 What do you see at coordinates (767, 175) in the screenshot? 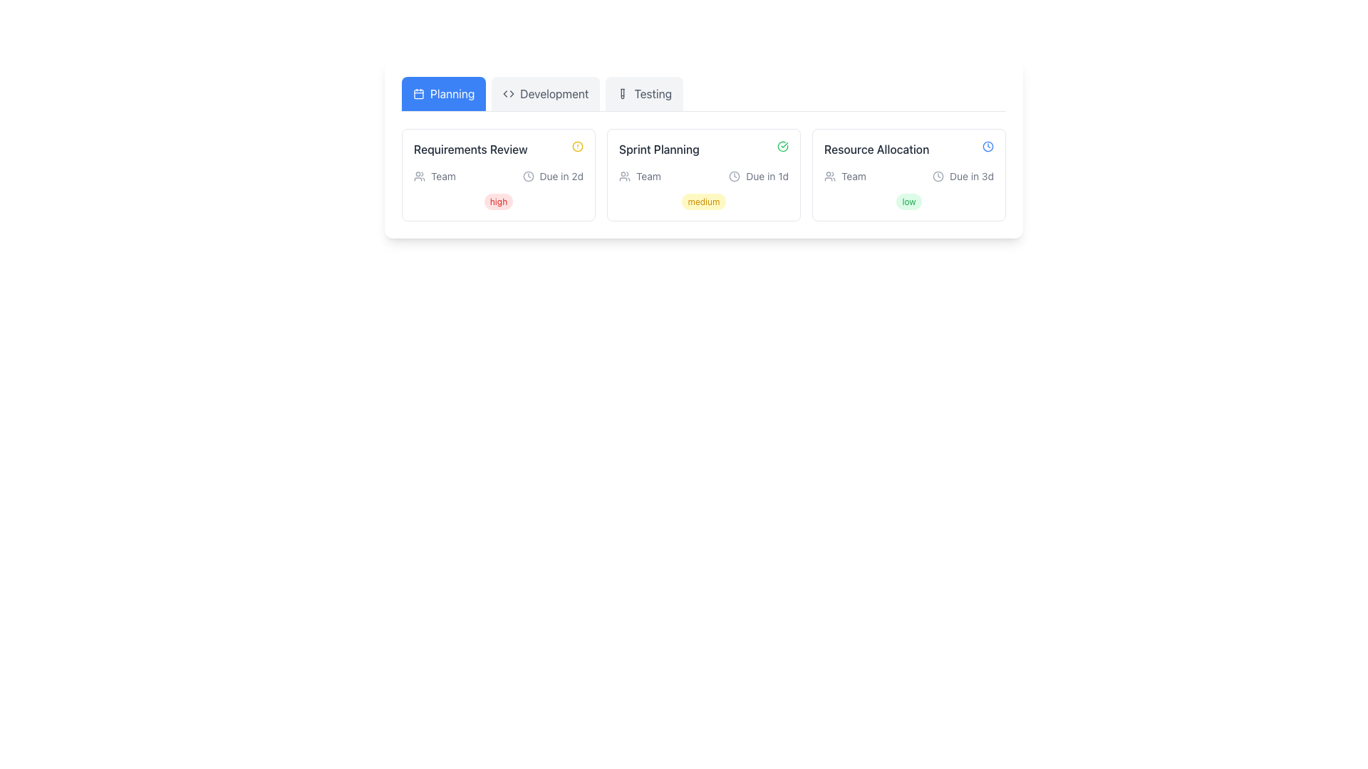
I see `text content of the due date indicator label located in the 'Sprint Planning' section, which is the last visual element in its row, positioned to the right of a clock icon` at bounding box center [767, 175].